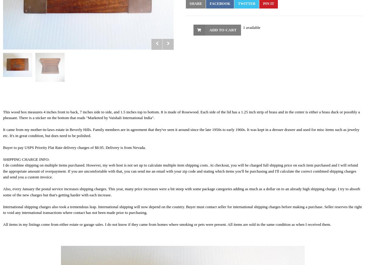 The image size is (390, 265). I want to click on 'Buyer to pay USPS Priority Flat Rate delivery charges of $8.95. Delivery is from Nevada.', so click(74, 147).